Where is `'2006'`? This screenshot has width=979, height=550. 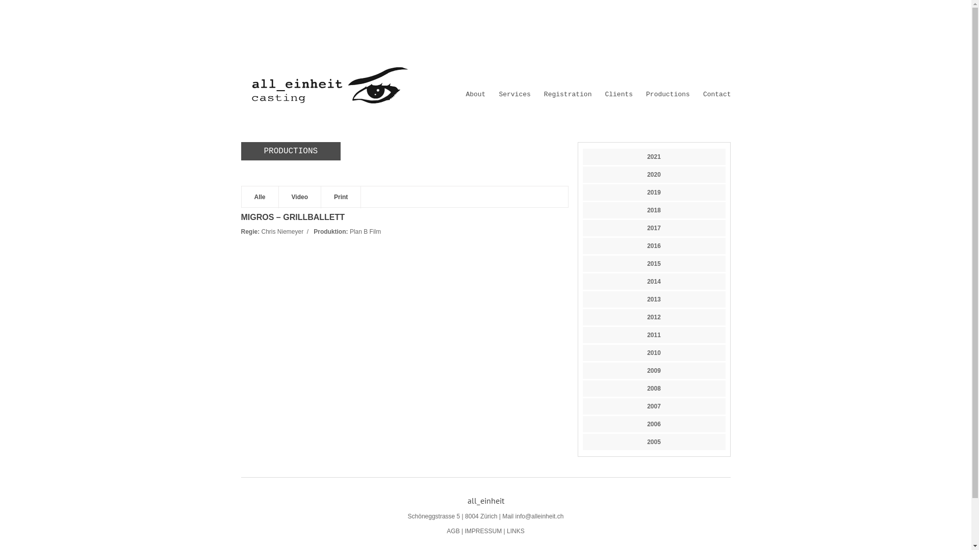
'2006' is located at coordinates (654, 424).